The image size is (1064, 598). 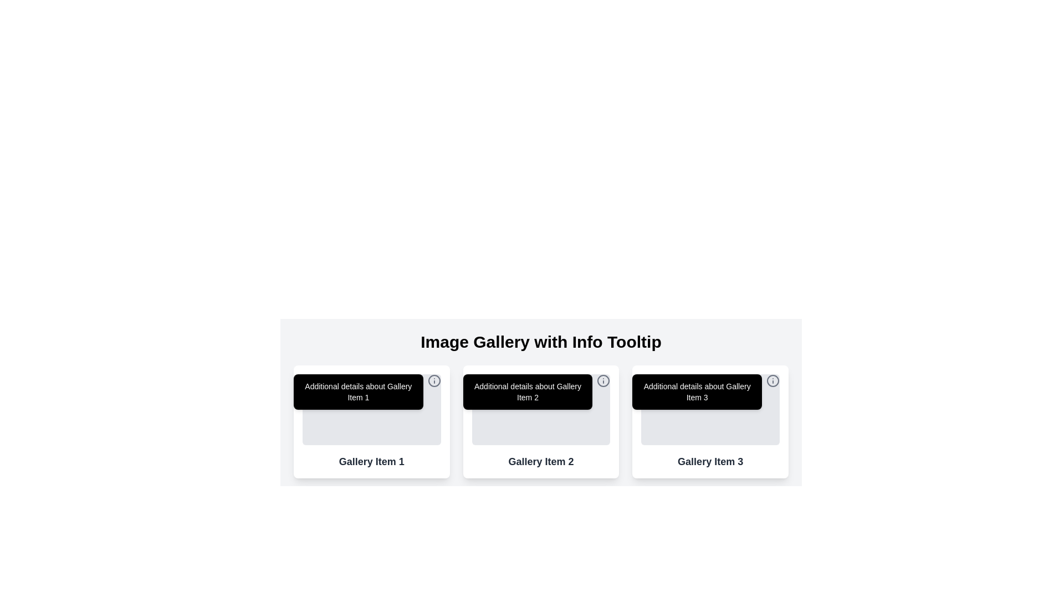 I want to click on the circular information icon with a gray outline located at the top-right corner of 'Gallery Item 3', so click(x=773, y=380).